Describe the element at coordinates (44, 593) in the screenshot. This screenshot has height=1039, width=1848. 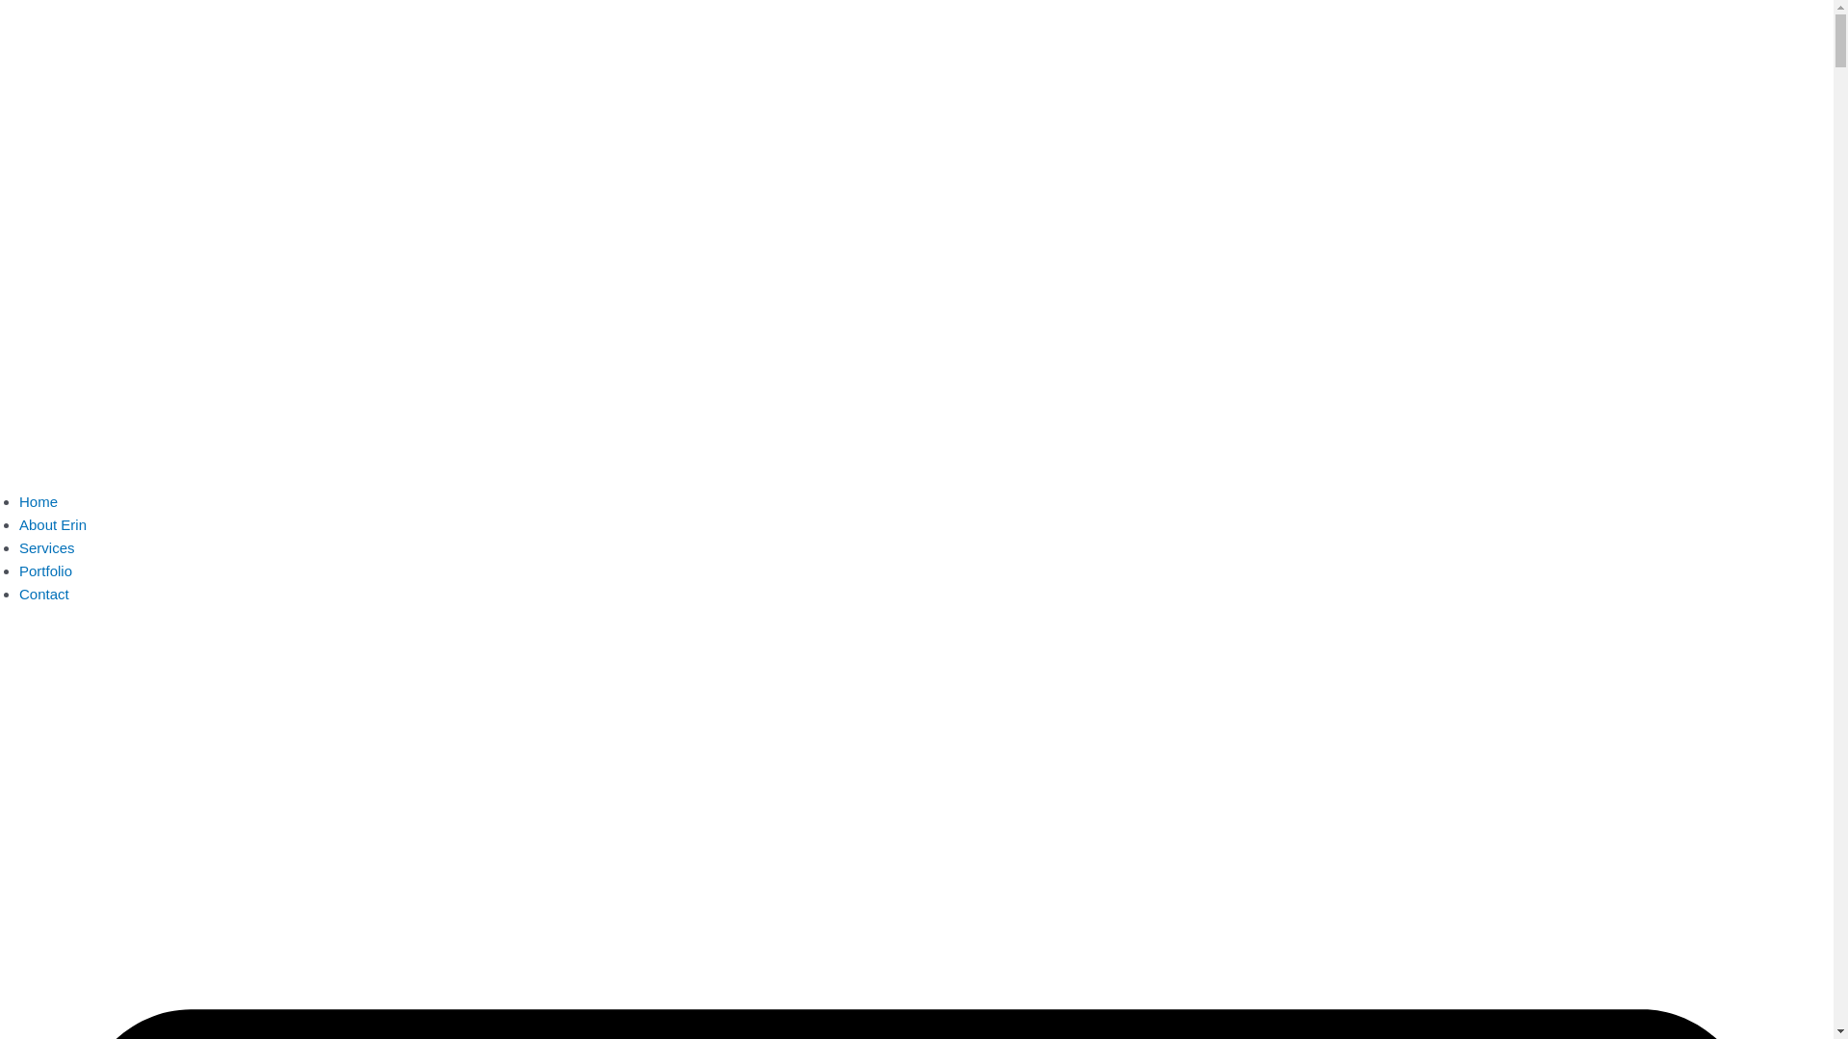
I see `'Contact'` at that location.